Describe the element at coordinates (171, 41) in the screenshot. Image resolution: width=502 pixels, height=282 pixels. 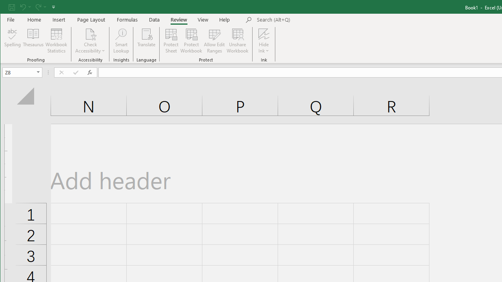
I see `'Protect Sheet...'` at that location.